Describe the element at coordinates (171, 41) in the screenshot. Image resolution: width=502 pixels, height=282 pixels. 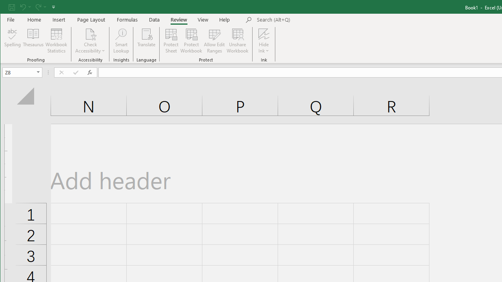
I see `'Protect Sheet...'` at that location.